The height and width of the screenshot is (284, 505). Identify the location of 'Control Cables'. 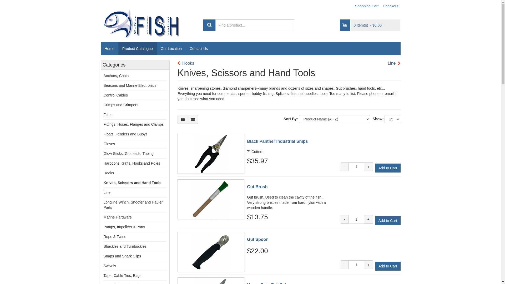
(103, 95).